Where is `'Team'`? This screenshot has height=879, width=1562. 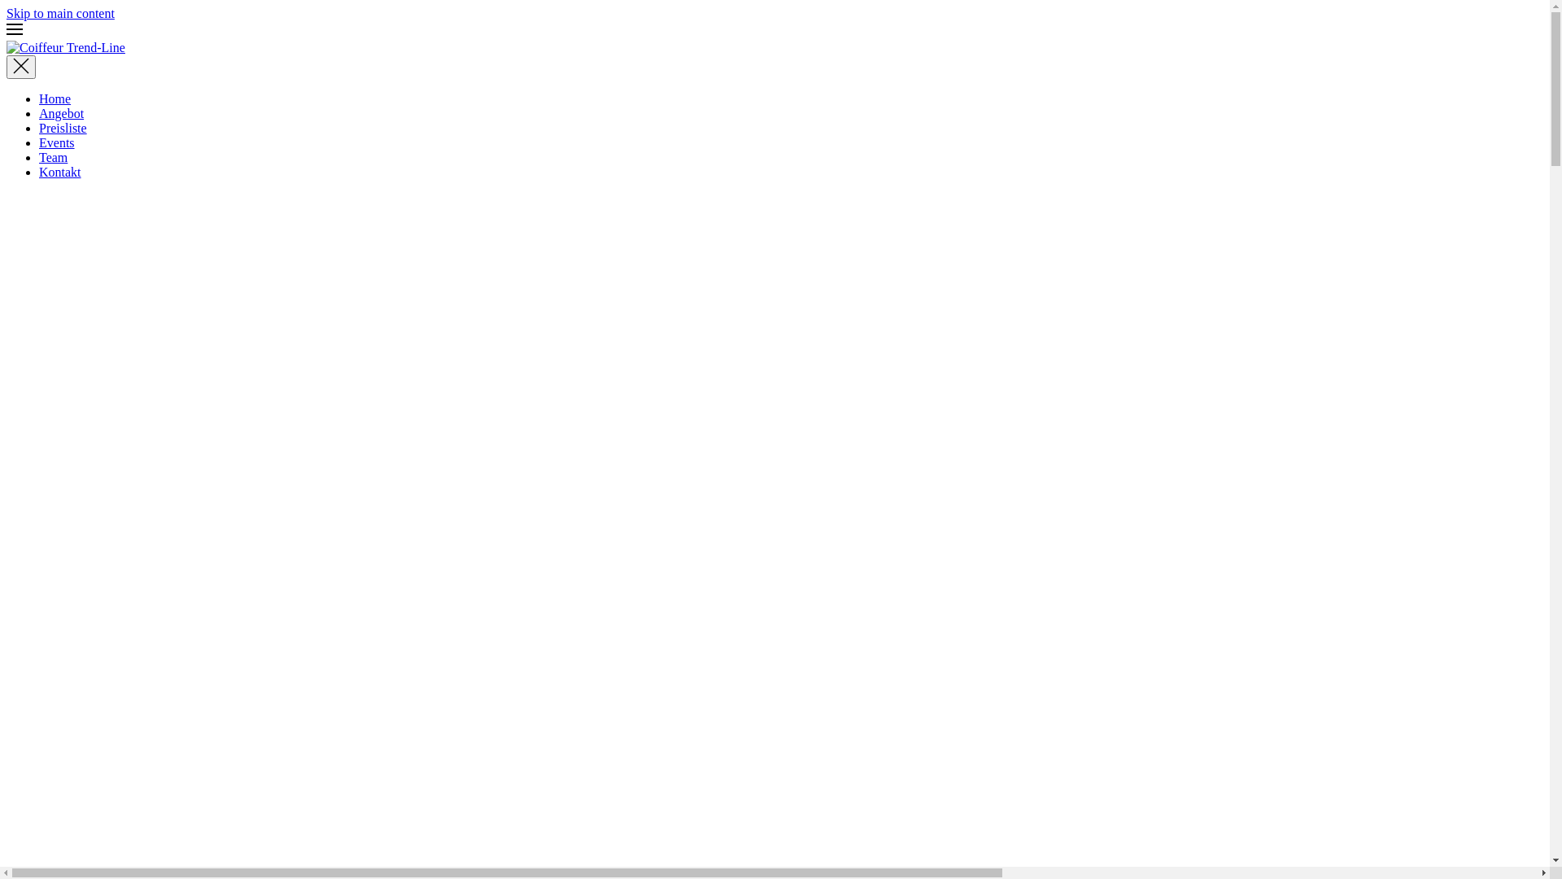
'Team' is located at coordinates (53, 157).